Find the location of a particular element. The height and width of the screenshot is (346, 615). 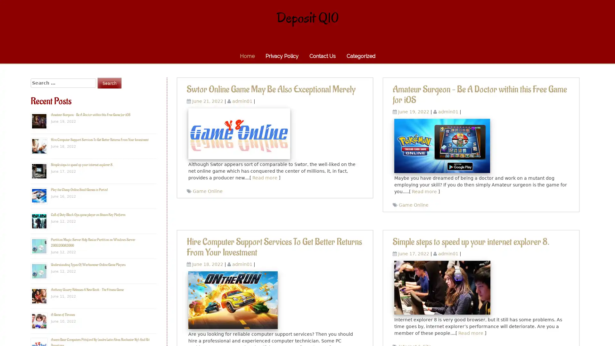

Search is located at coordinates (109, 83).